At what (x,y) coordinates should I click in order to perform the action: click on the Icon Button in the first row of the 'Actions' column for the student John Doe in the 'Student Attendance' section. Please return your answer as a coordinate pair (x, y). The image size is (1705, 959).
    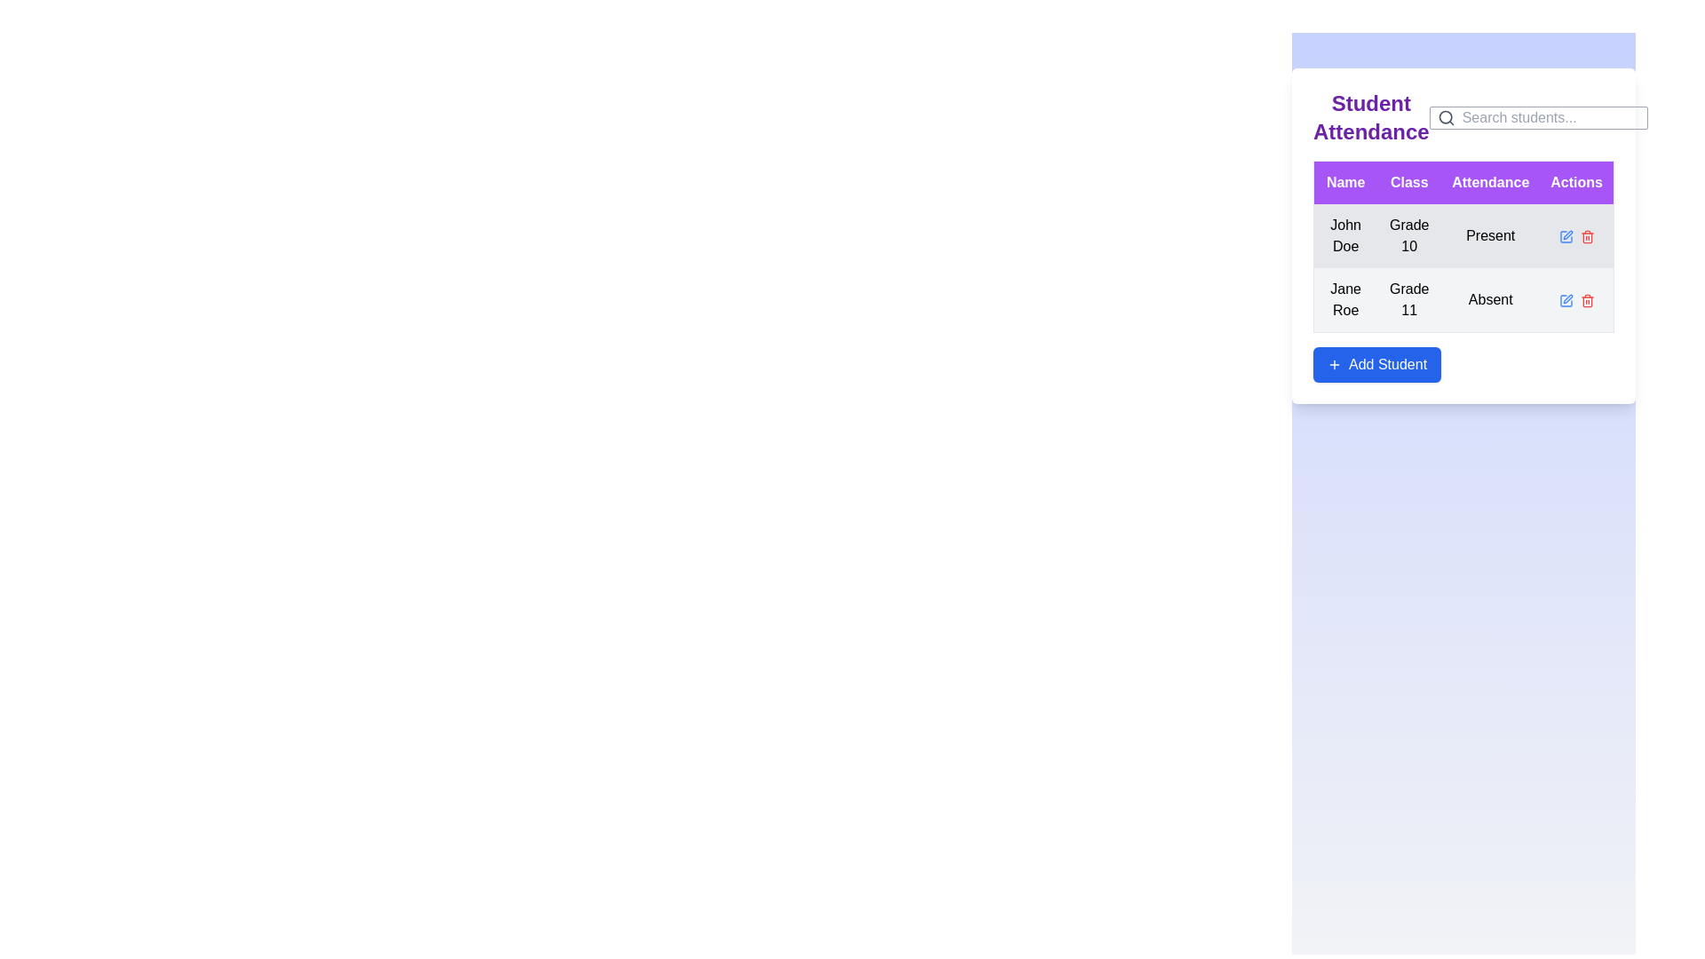
    Looking at the image, I should click on (1566, 235).